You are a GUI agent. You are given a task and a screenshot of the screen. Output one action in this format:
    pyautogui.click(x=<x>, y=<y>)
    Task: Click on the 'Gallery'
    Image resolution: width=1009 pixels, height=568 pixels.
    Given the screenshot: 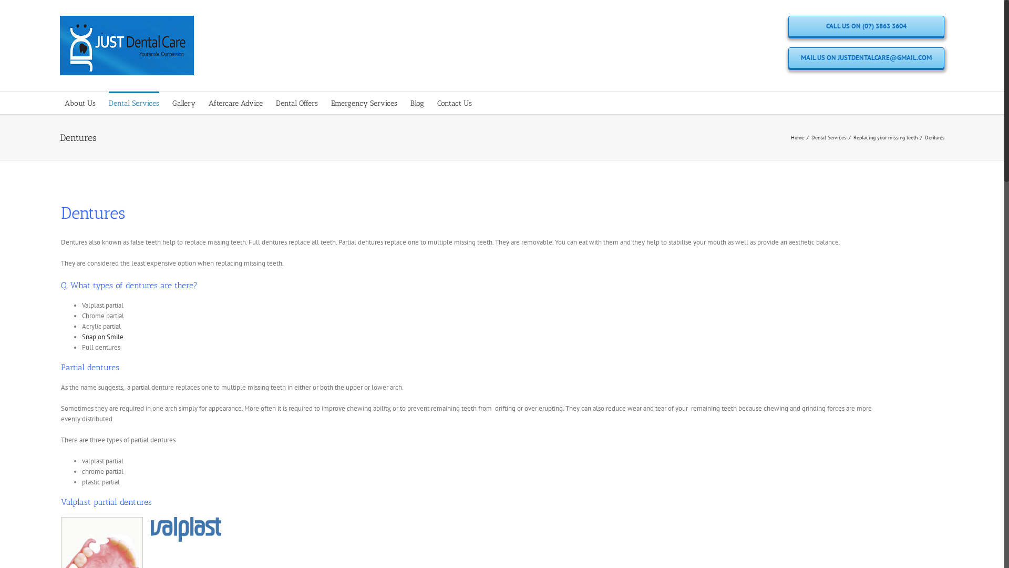 What is the action you would take?
    pyautogui.click(x=184, y=103)
    